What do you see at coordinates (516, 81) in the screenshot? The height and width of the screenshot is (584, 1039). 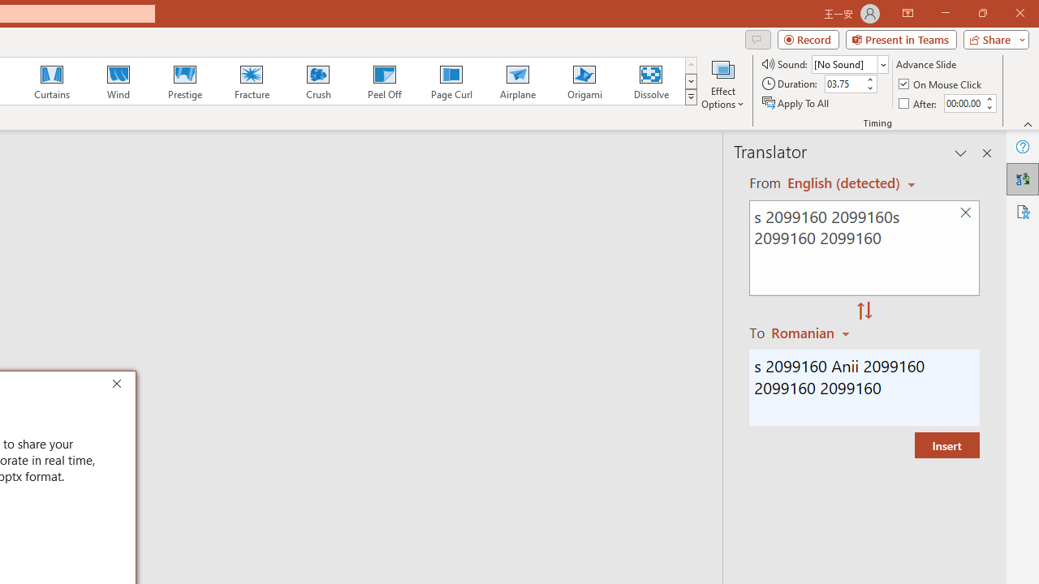 I see `'Airplane'` at bounding box center [516, 81].